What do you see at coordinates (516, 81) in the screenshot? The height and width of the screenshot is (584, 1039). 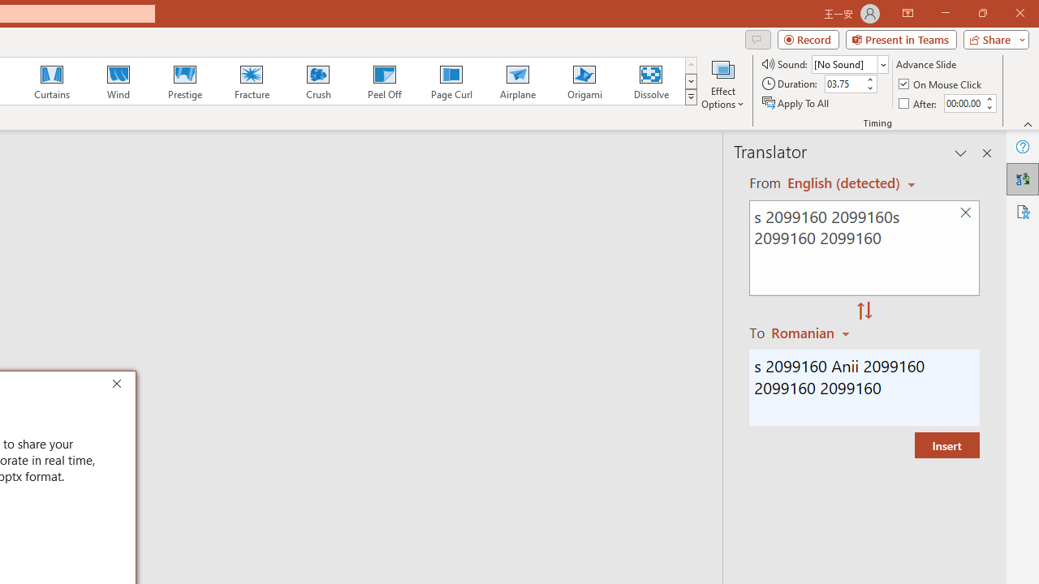 I see `'Airplane'` at bounding box center [516, 81].